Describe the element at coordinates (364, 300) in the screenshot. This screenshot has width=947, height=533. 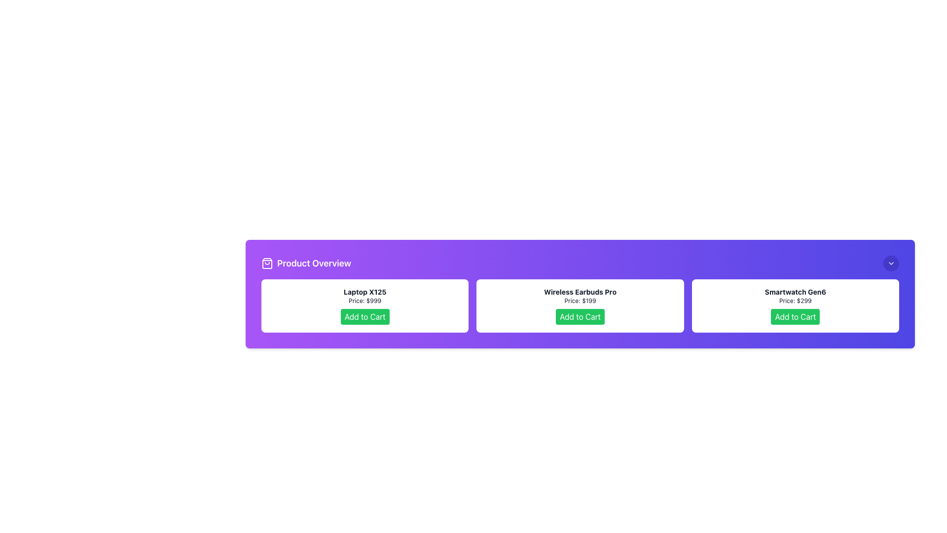
I see `the static text label displaying 'Price: $999', which is located beneath the product title 'Laptop X125' and above the 'Add to Cart' button` at that location.